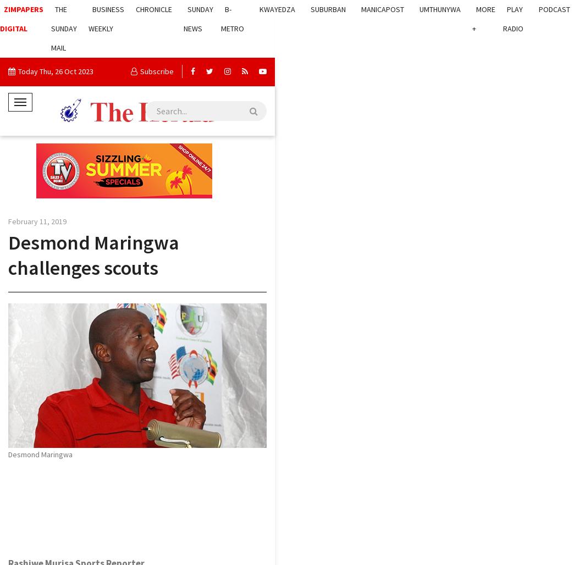 This screenshot has width=574, height=565. I want to click on 'The Sunday Mail', so click(51, 29).